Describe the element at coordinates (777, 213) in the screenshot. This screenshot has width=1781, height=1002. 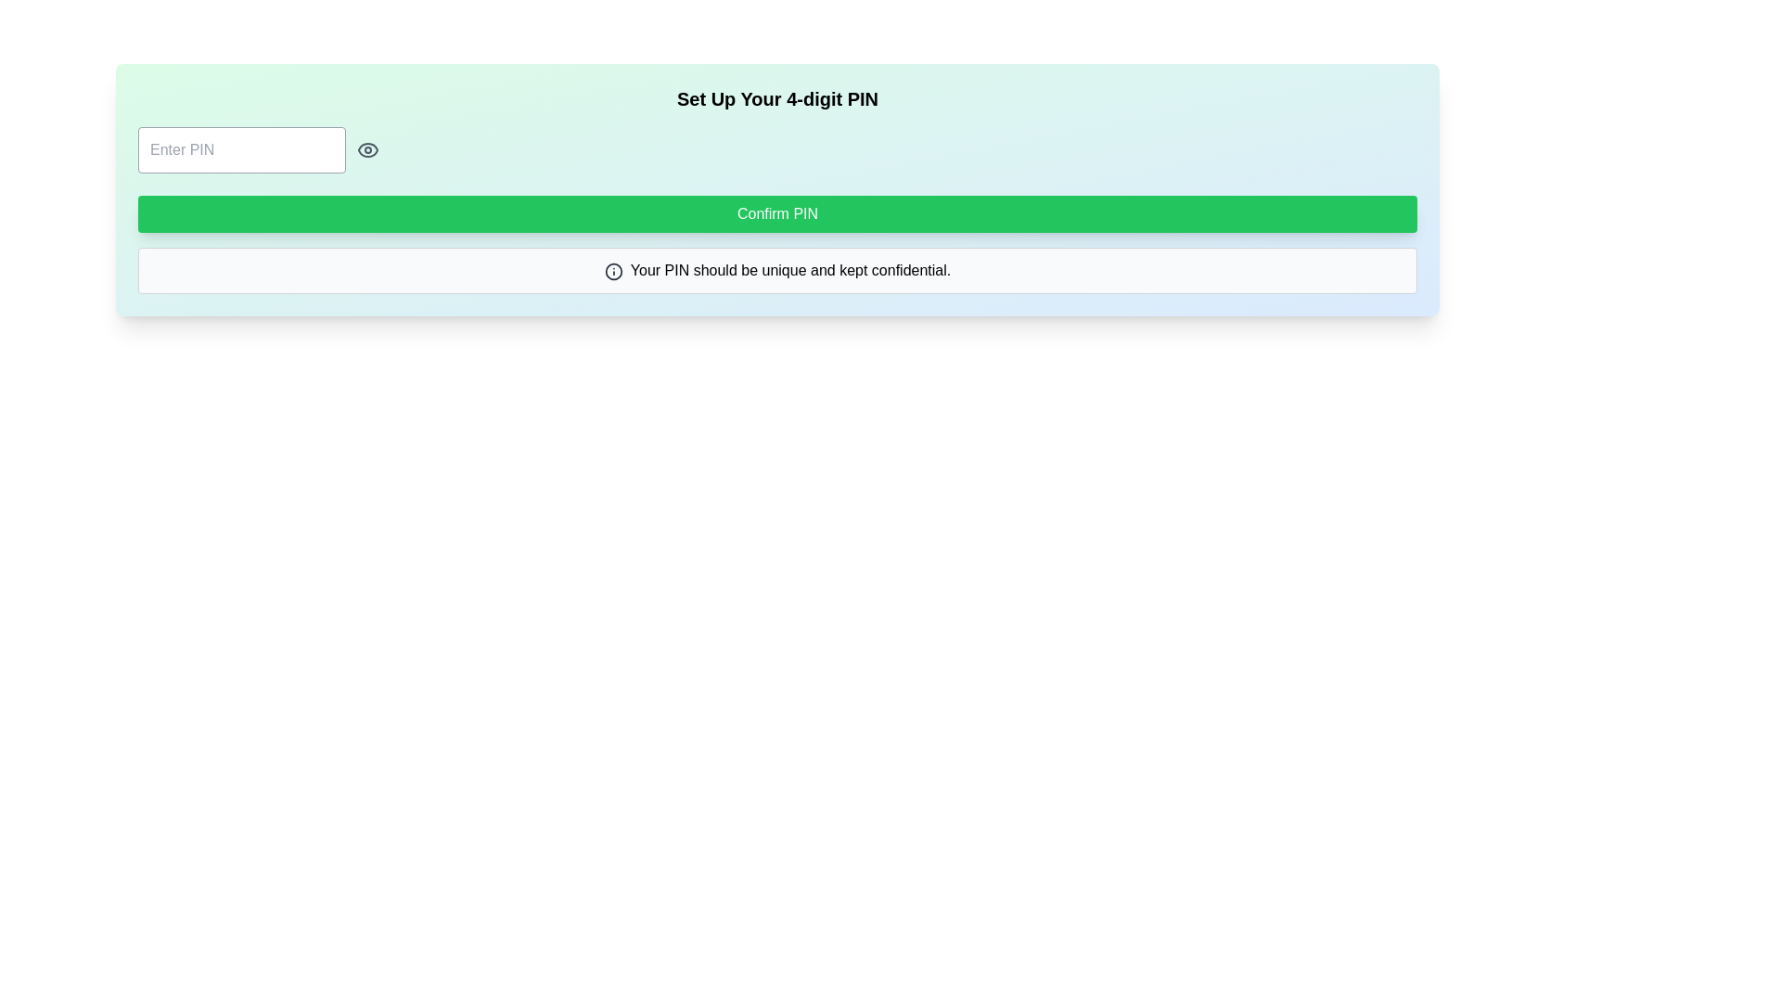
I see `the confirm button located centrally below the 'Enter PIN' input field to validate the entered PIN during the setup process` at that location.